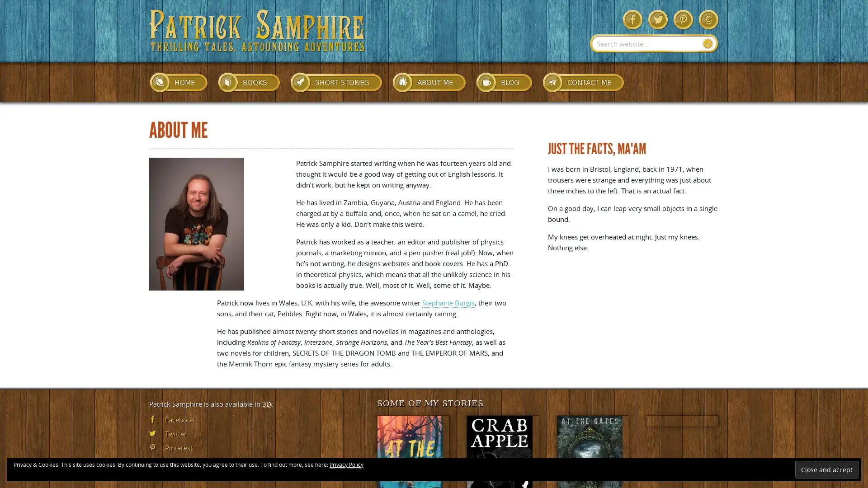 The width and height of the screenshot is (868, 488). I want to click on Close and accept, so click(826, 469).